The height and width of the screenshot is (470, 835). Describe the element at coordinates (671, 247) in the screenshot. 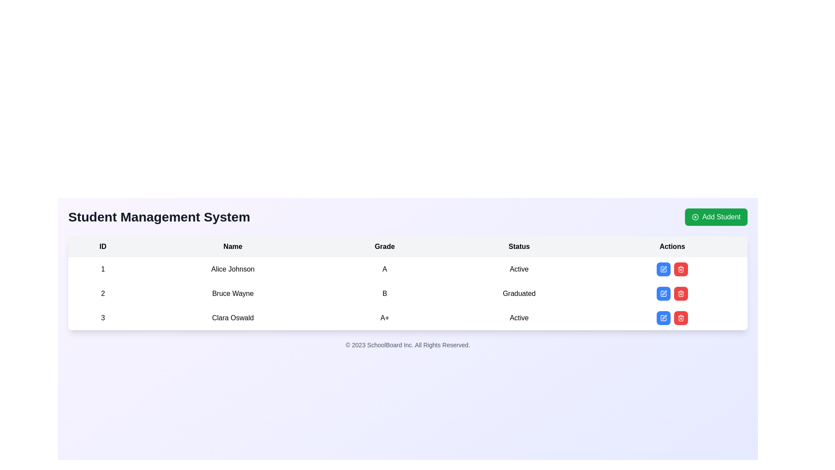

I see `the 'Actions' table header element, which is styled in bold and centered within its cell` at that location.